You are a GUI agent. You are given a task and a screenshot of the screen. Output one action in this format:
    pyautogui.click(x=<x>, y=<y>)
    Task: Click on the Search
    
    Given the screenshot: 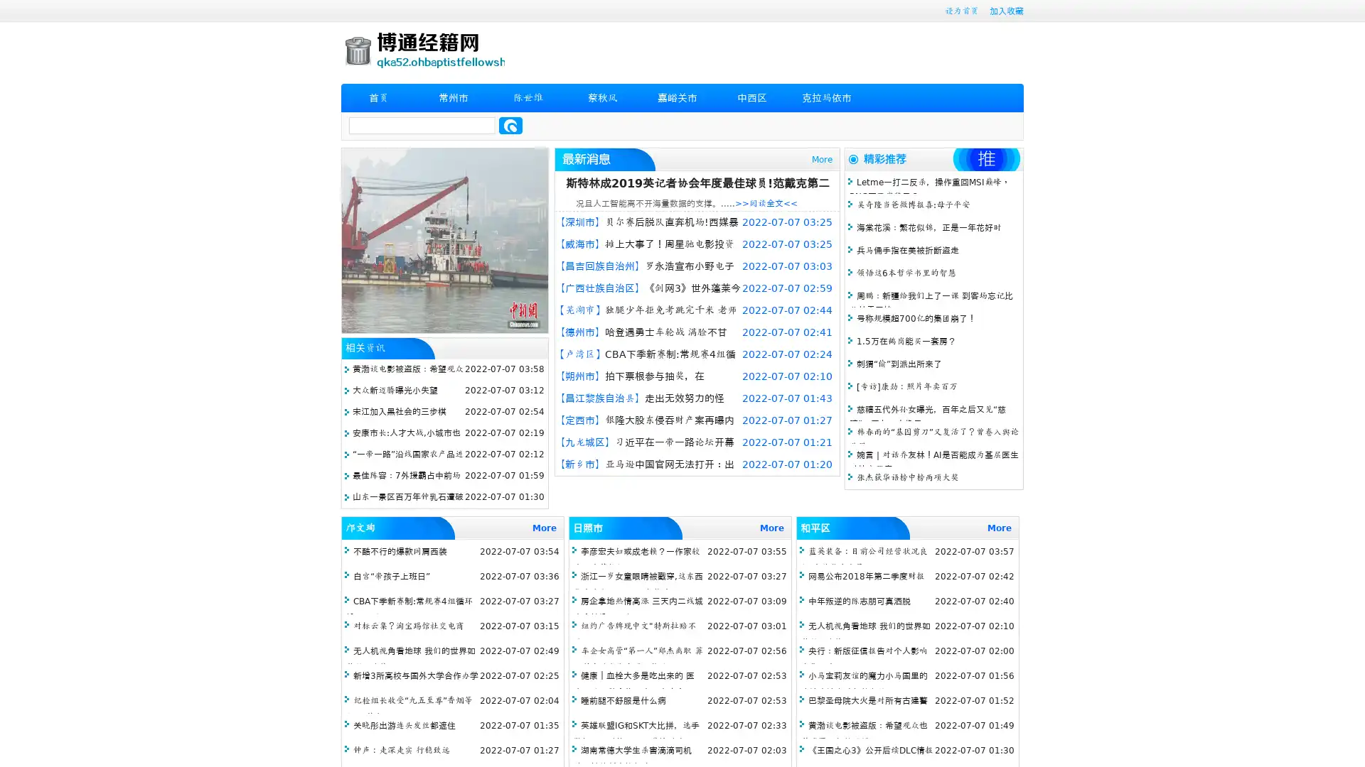 What is the action you would take?
    pyautogui.click(x=510, y=125)
    